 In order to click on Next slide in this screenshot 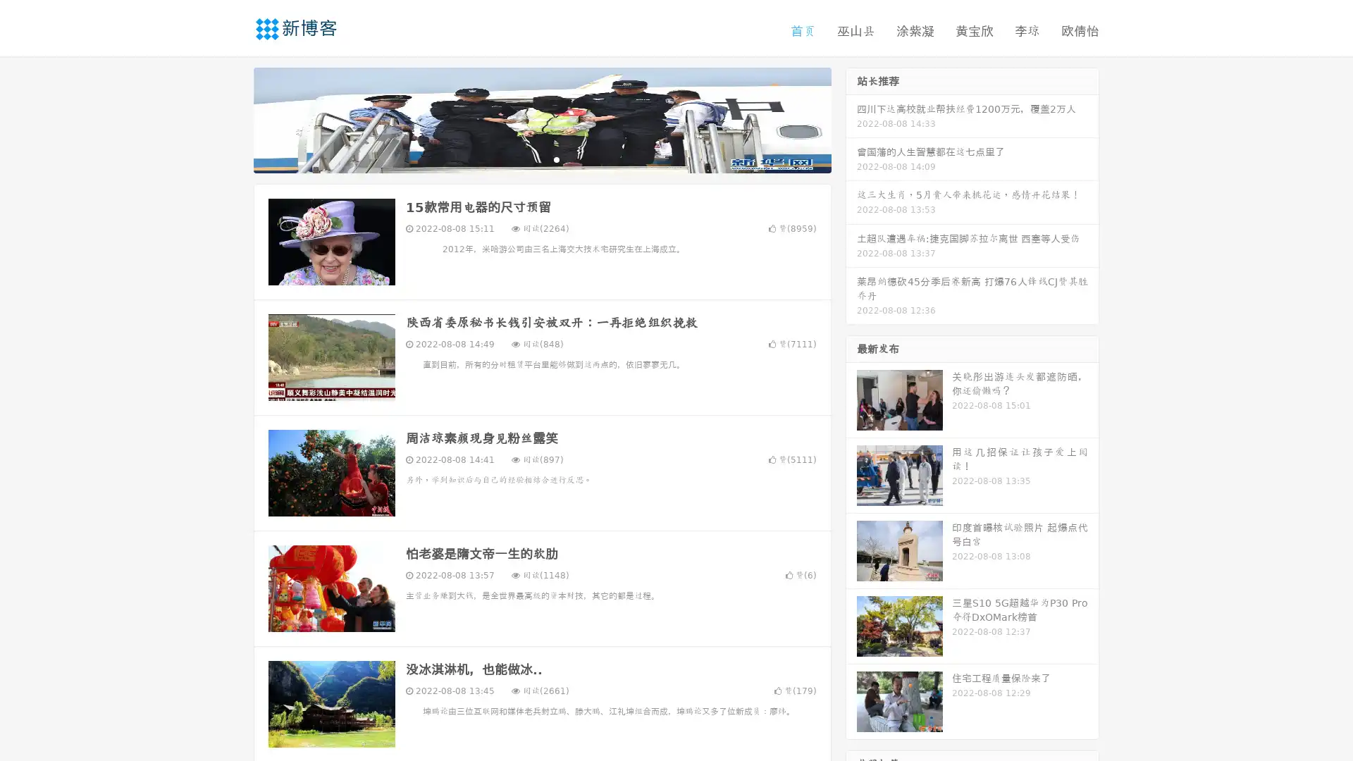, I will do `click(851, 118)`.